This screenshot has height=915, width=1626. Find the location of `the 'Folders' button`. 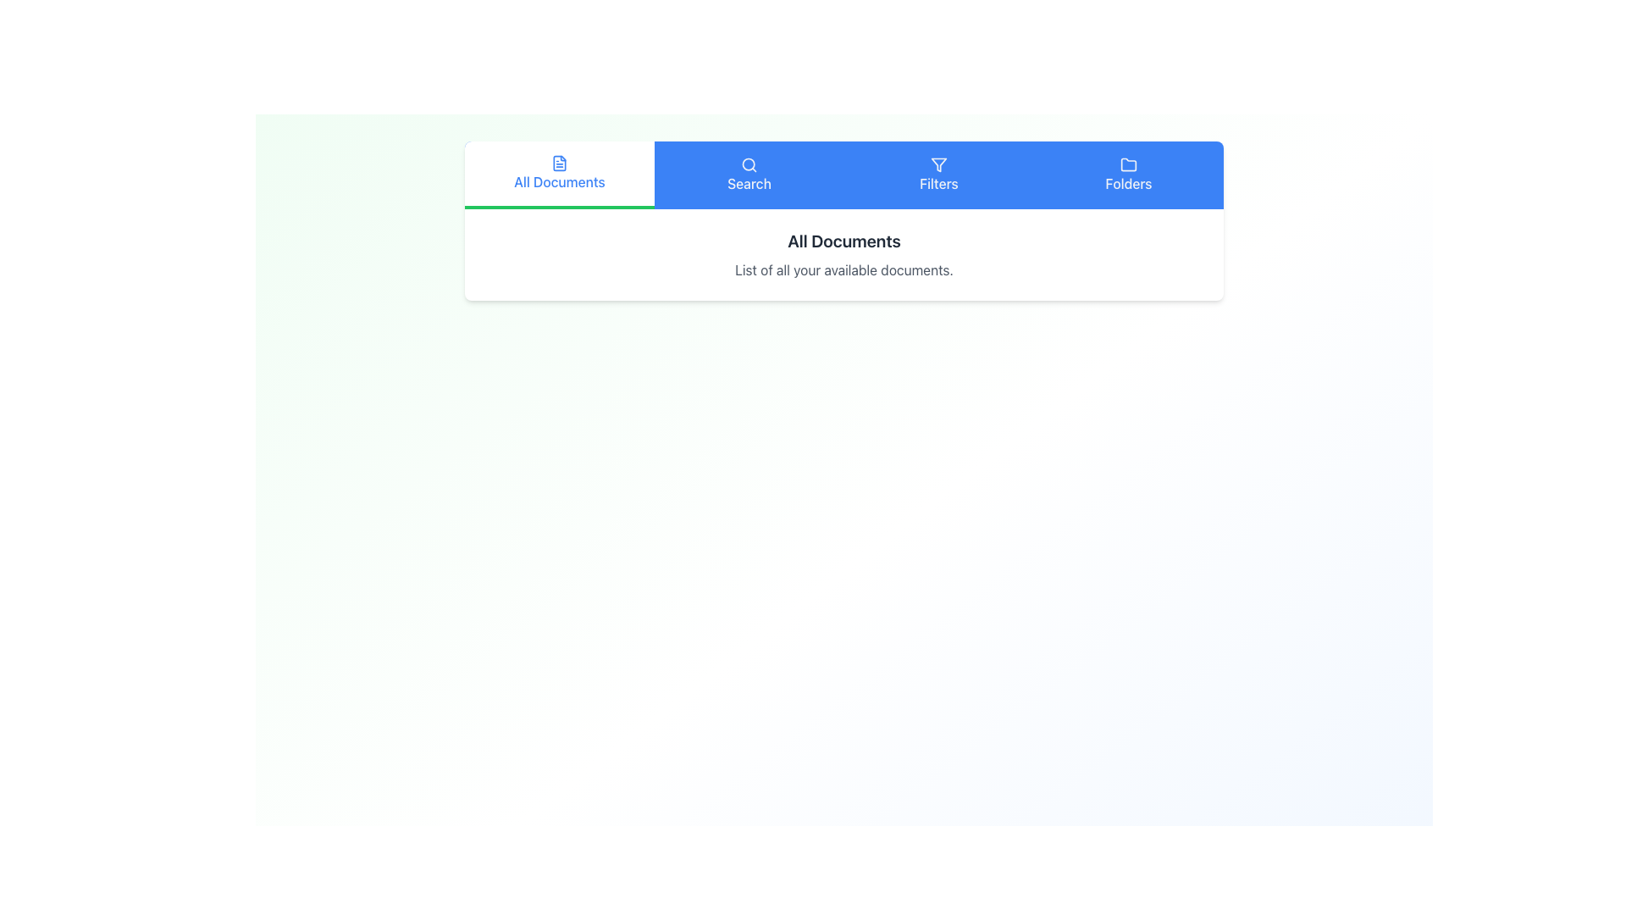

the 'Folders' button is located at coordinates (1129, 175).